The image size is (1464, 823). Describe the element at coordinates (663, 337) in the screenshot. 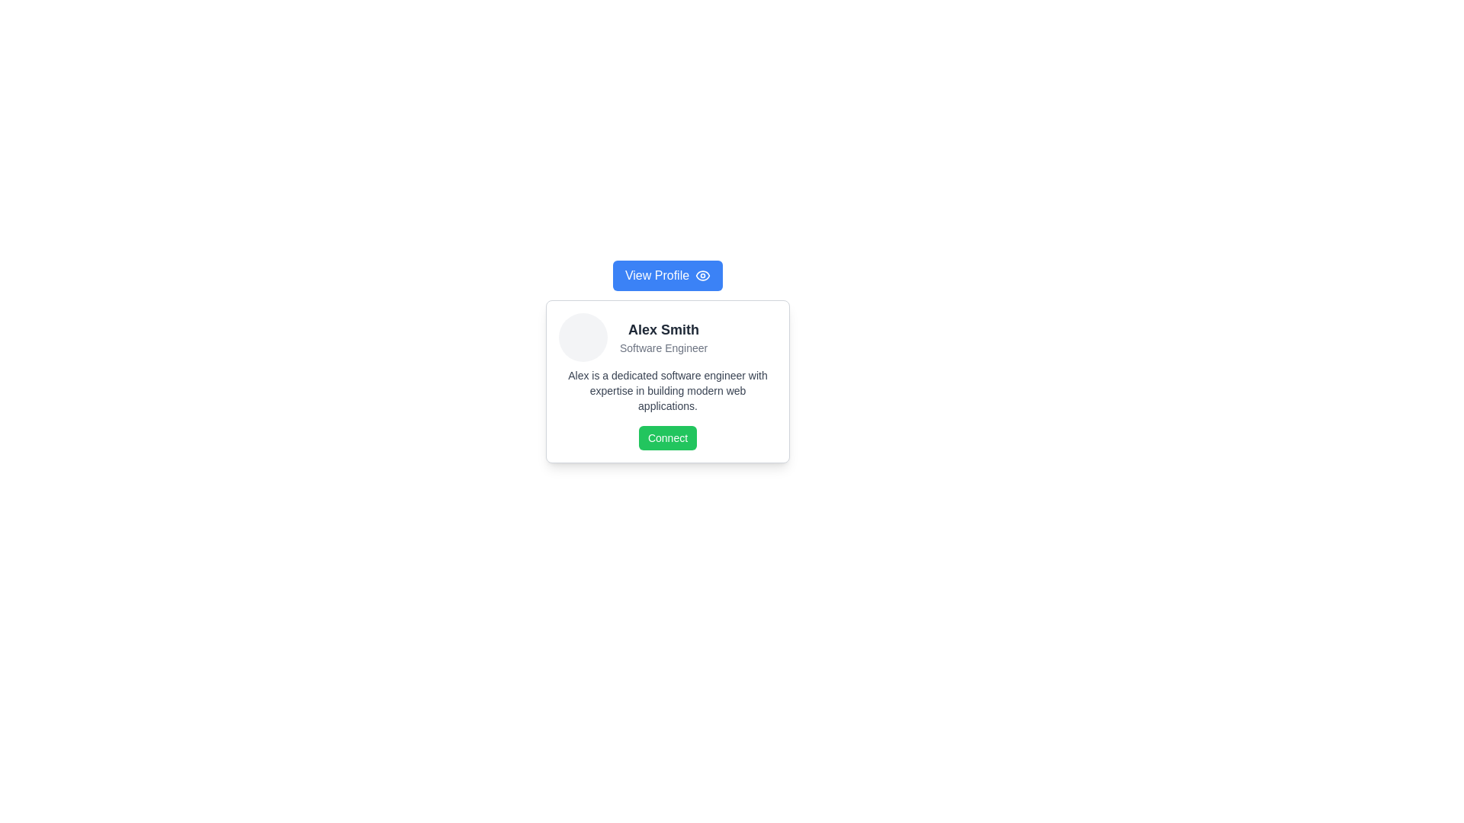

I see `text label displaying 'Alex Smith' and 'Software Engineer' located in the center-top area of a user card, below a circular icon placeholder` at that location.